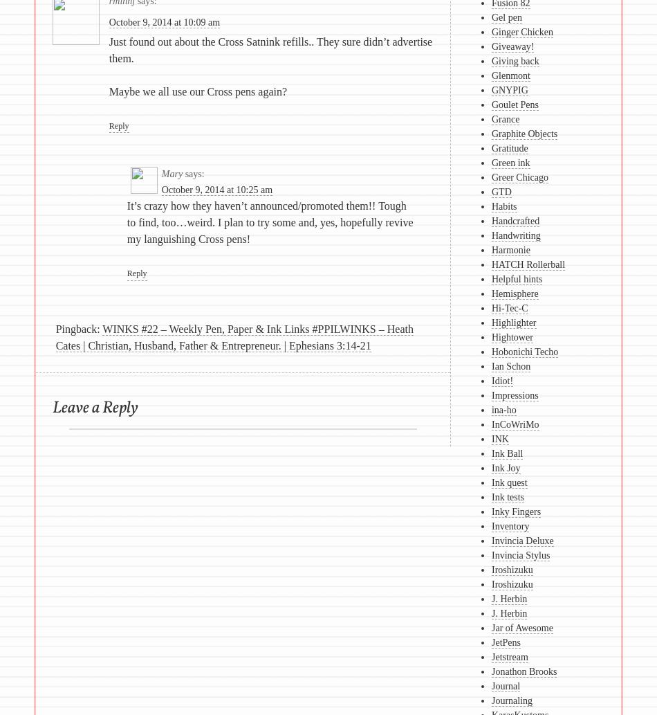 Image resolution: width=657 pixels, height=715 pixels. Describe the element at coordinates (491, 250) in the screenshot. I see `'Harmonie'` at that location.